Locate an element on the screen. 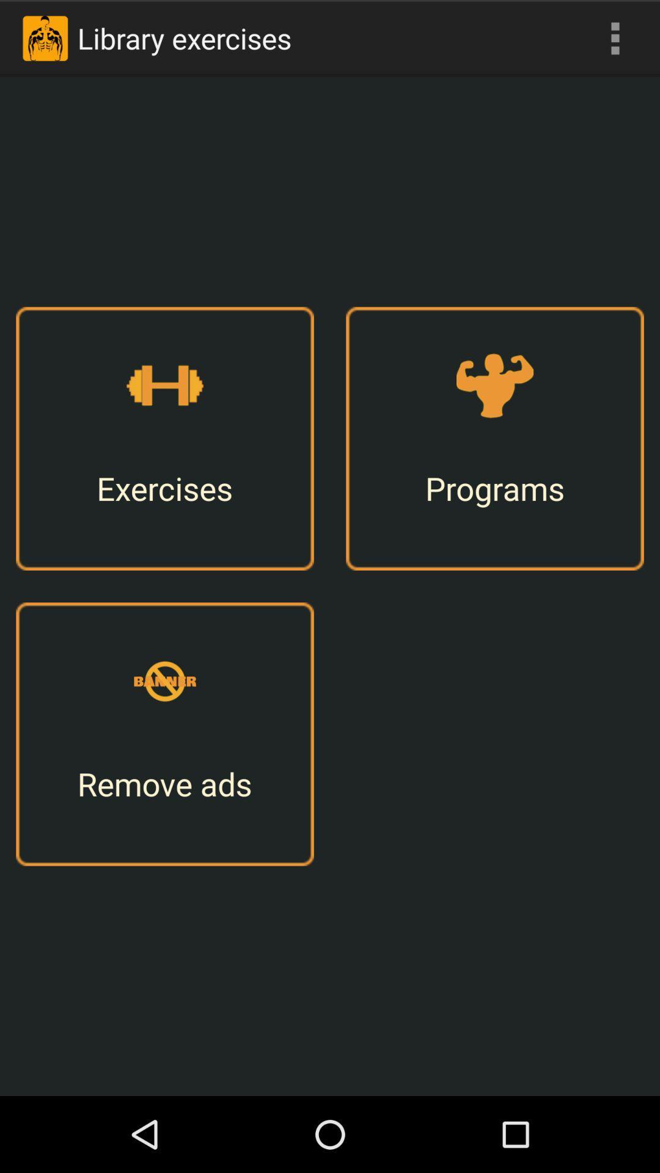  the icon to the right of the library exercises app is located at coordinates (615, 38).